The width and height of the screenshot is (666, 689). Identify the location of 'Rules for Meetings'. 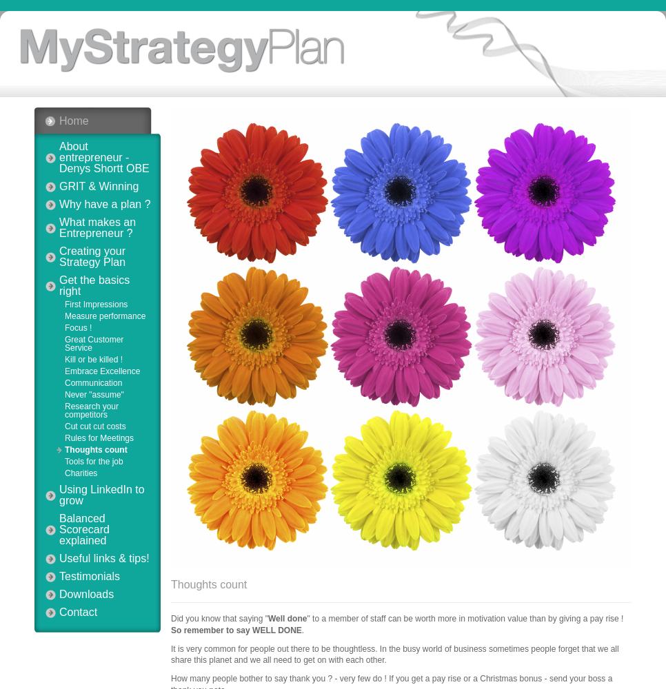
(99, 438).